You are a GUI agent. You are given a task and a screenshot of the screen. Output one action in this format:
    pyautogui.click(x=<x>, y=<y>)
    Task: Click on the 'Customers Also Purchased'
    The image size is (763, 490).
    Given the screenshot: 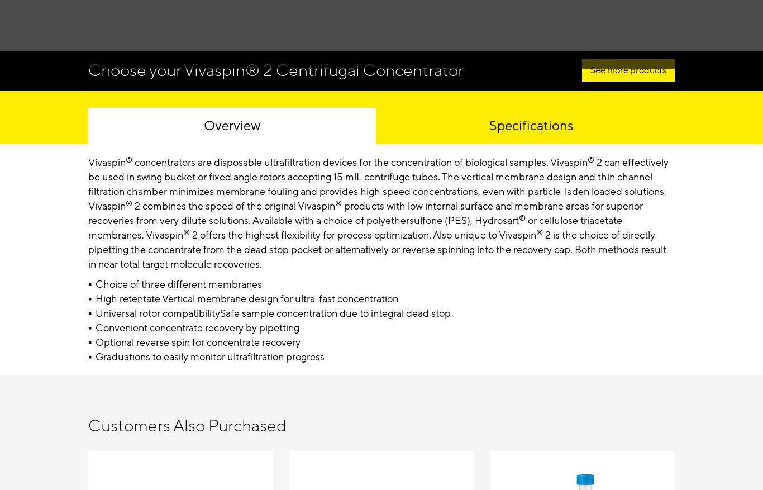 What is the action you would take?
    pyautogui.click(x=187, y=426)
    